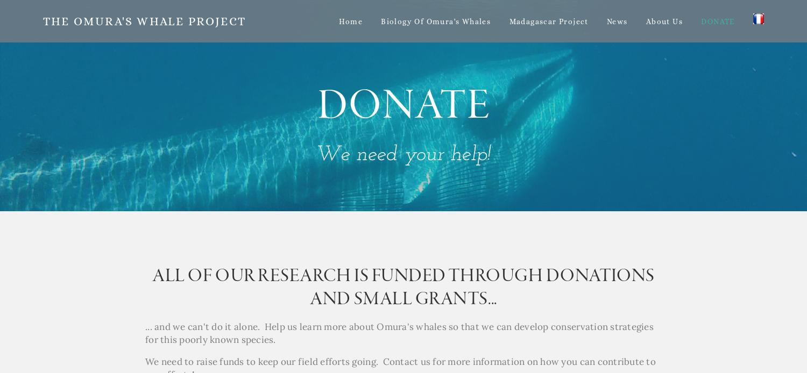 This screenshot has height=373, width=807. I want to click on '... and we can't do it alone.  Help us learn more about Omura's whales so that we can develop conservation strategies for this poorly known species.', so click(400, 333).